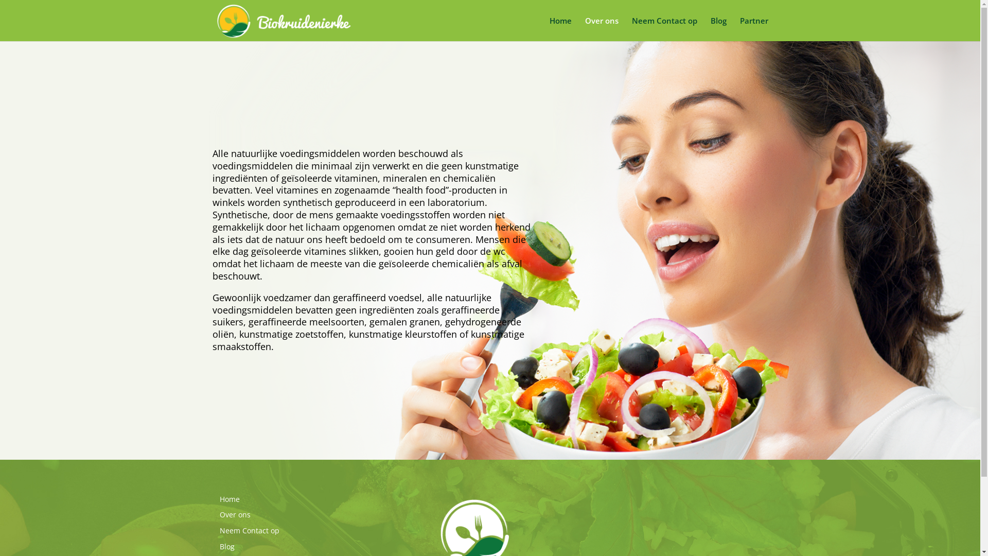 This screenshot has height=556, width=988. What do you see at coordinates (717, 28) in the screenshot?
I see `'Blog'` at bounding box center [717, 28].